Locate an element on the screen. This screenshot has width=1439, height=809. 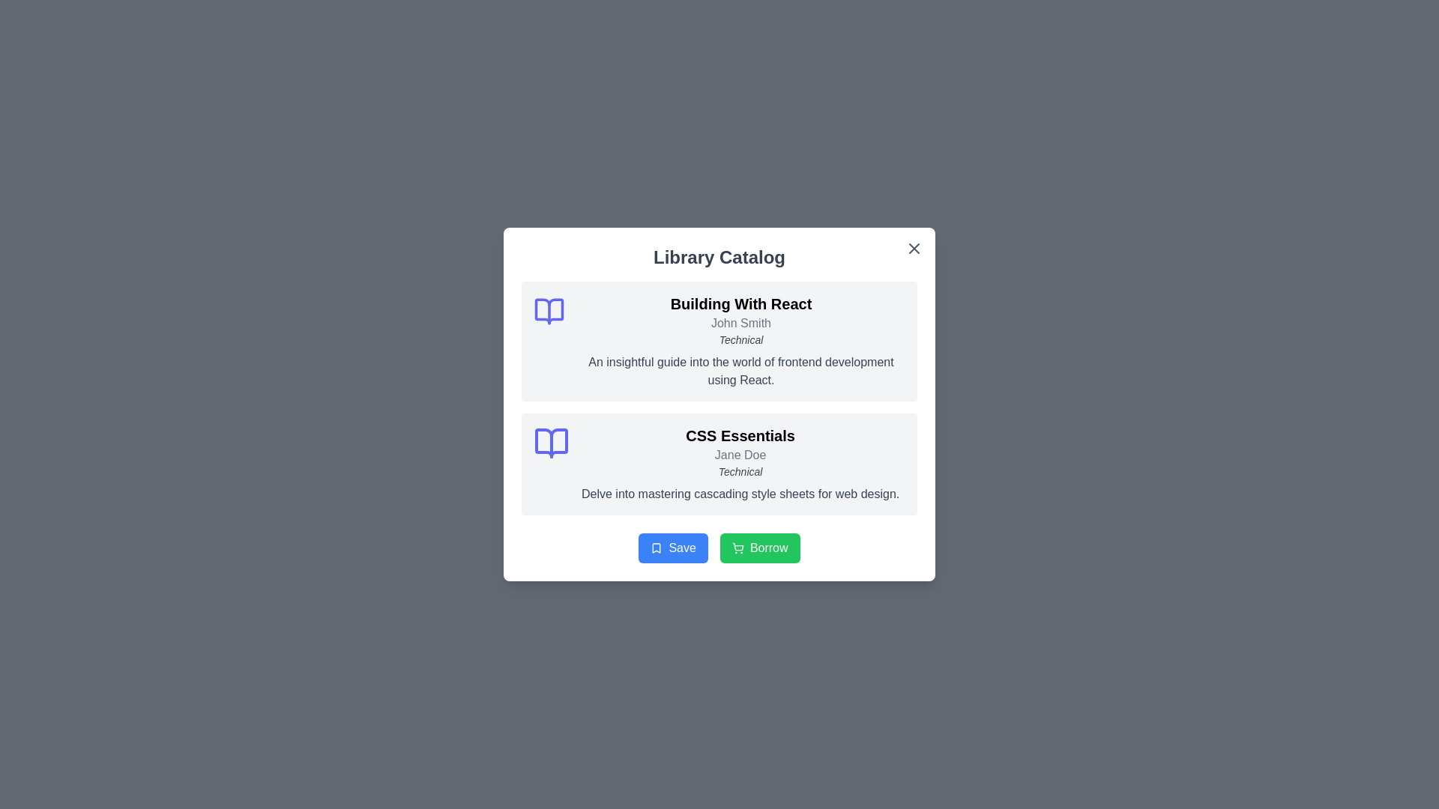
information provided in the 'CSS Essentials' informative card, which includes the title, author, category, and description is located at coordinates (719, 464).